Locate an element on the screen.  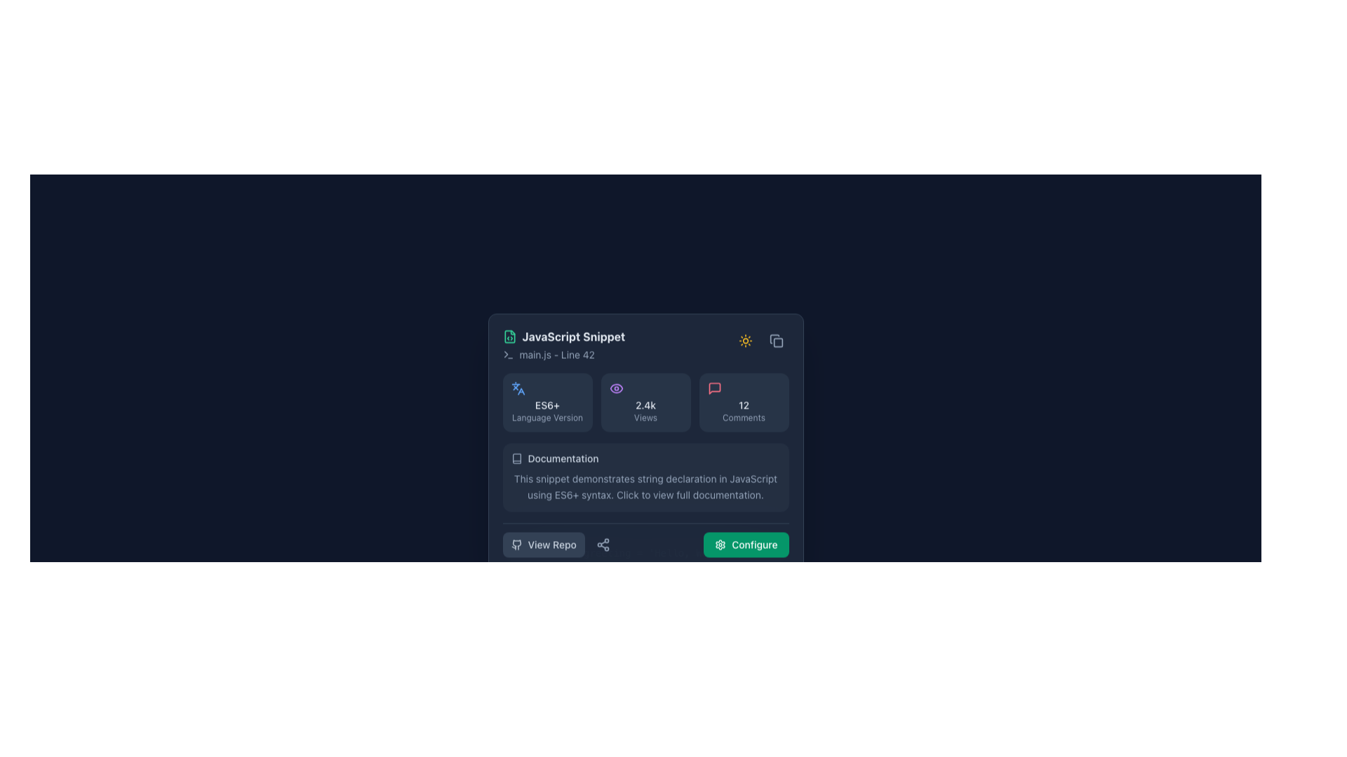
the static text label that displays 'main.js - Line 42', which is styled in light gray and is centrally aligned within a card interface is located at coordinates (556, 354).